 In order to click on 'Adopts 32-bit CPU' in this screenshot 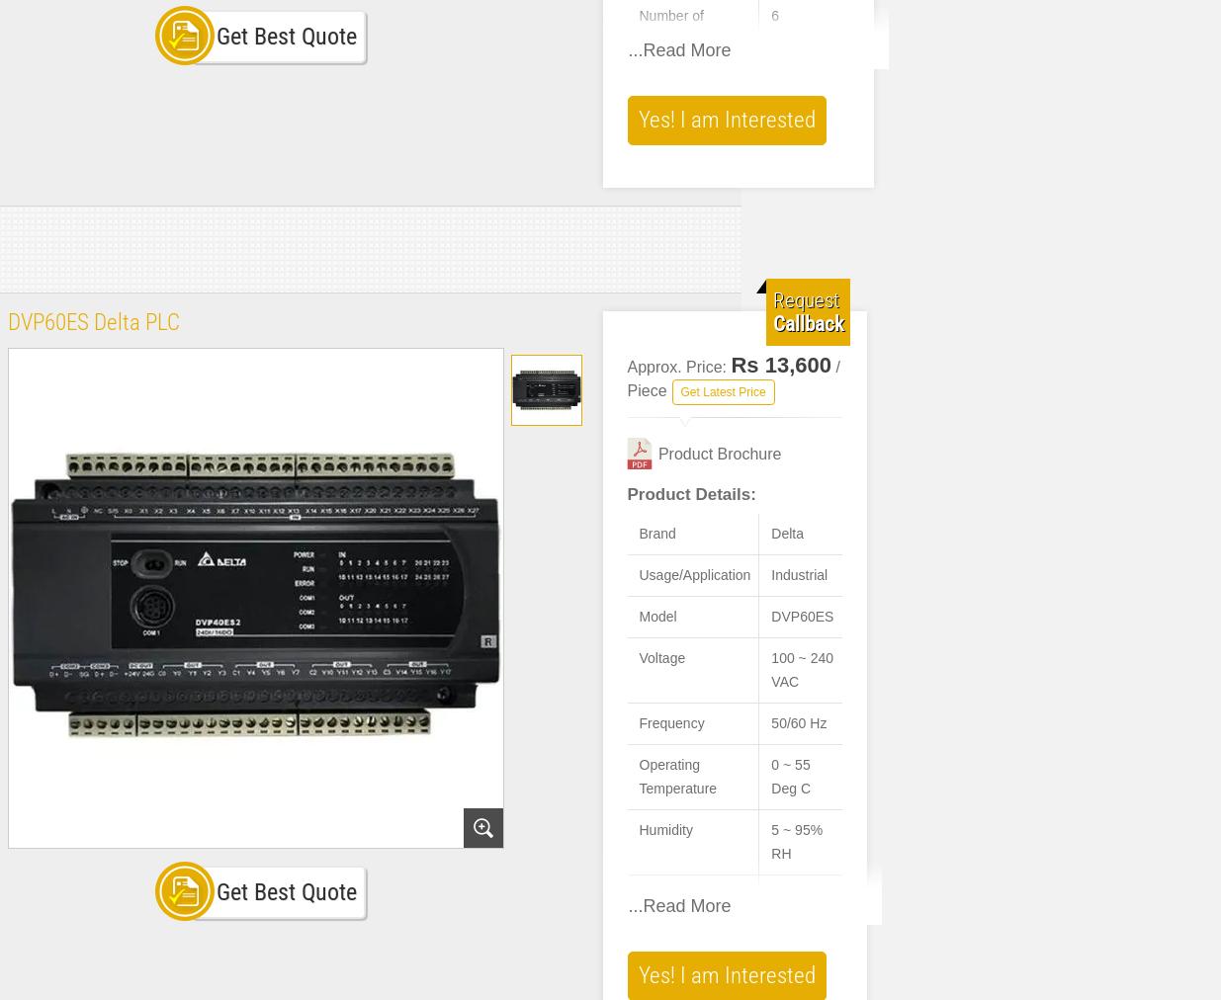, I will do `click(654, 932)`.